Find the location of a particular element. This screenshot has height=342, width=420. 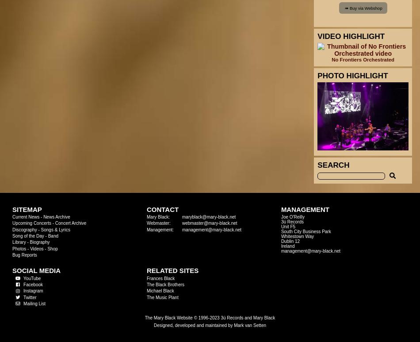

'Shop' is located at coordinates (52, 248).